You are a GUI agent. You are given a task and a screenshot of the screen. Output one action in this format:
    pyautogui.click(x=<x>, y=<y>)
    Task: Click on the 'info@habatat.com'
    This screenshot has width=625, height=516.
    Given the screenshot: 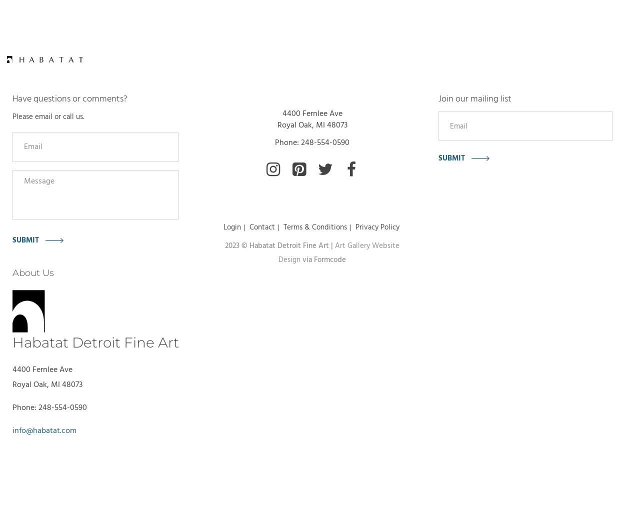 What is the action you would take?
    pyautogui.click(x=44, y=431)
    